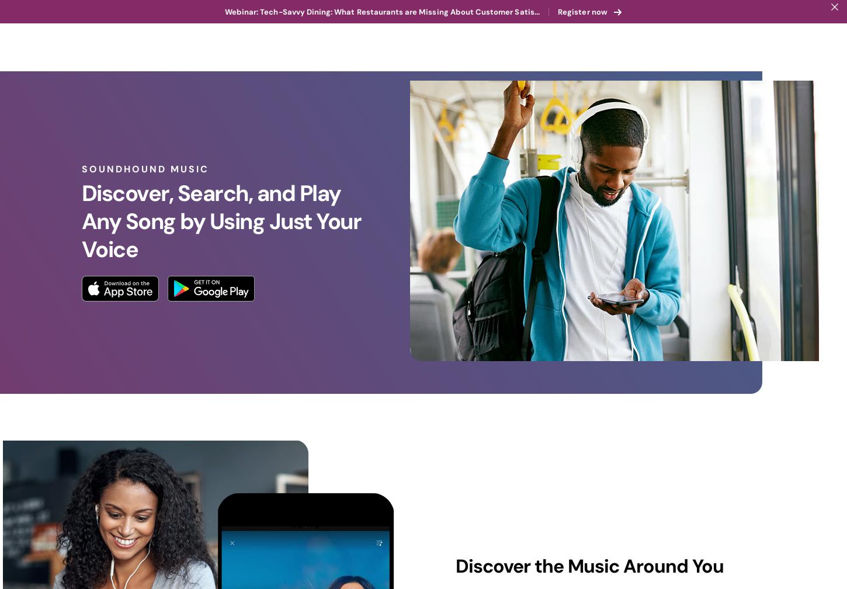 The height and width of the screenshot is (589, 847). Describe the element at coordinates (572, 563) in the screenshot. I see `'SoundHound Rating'` at that location.